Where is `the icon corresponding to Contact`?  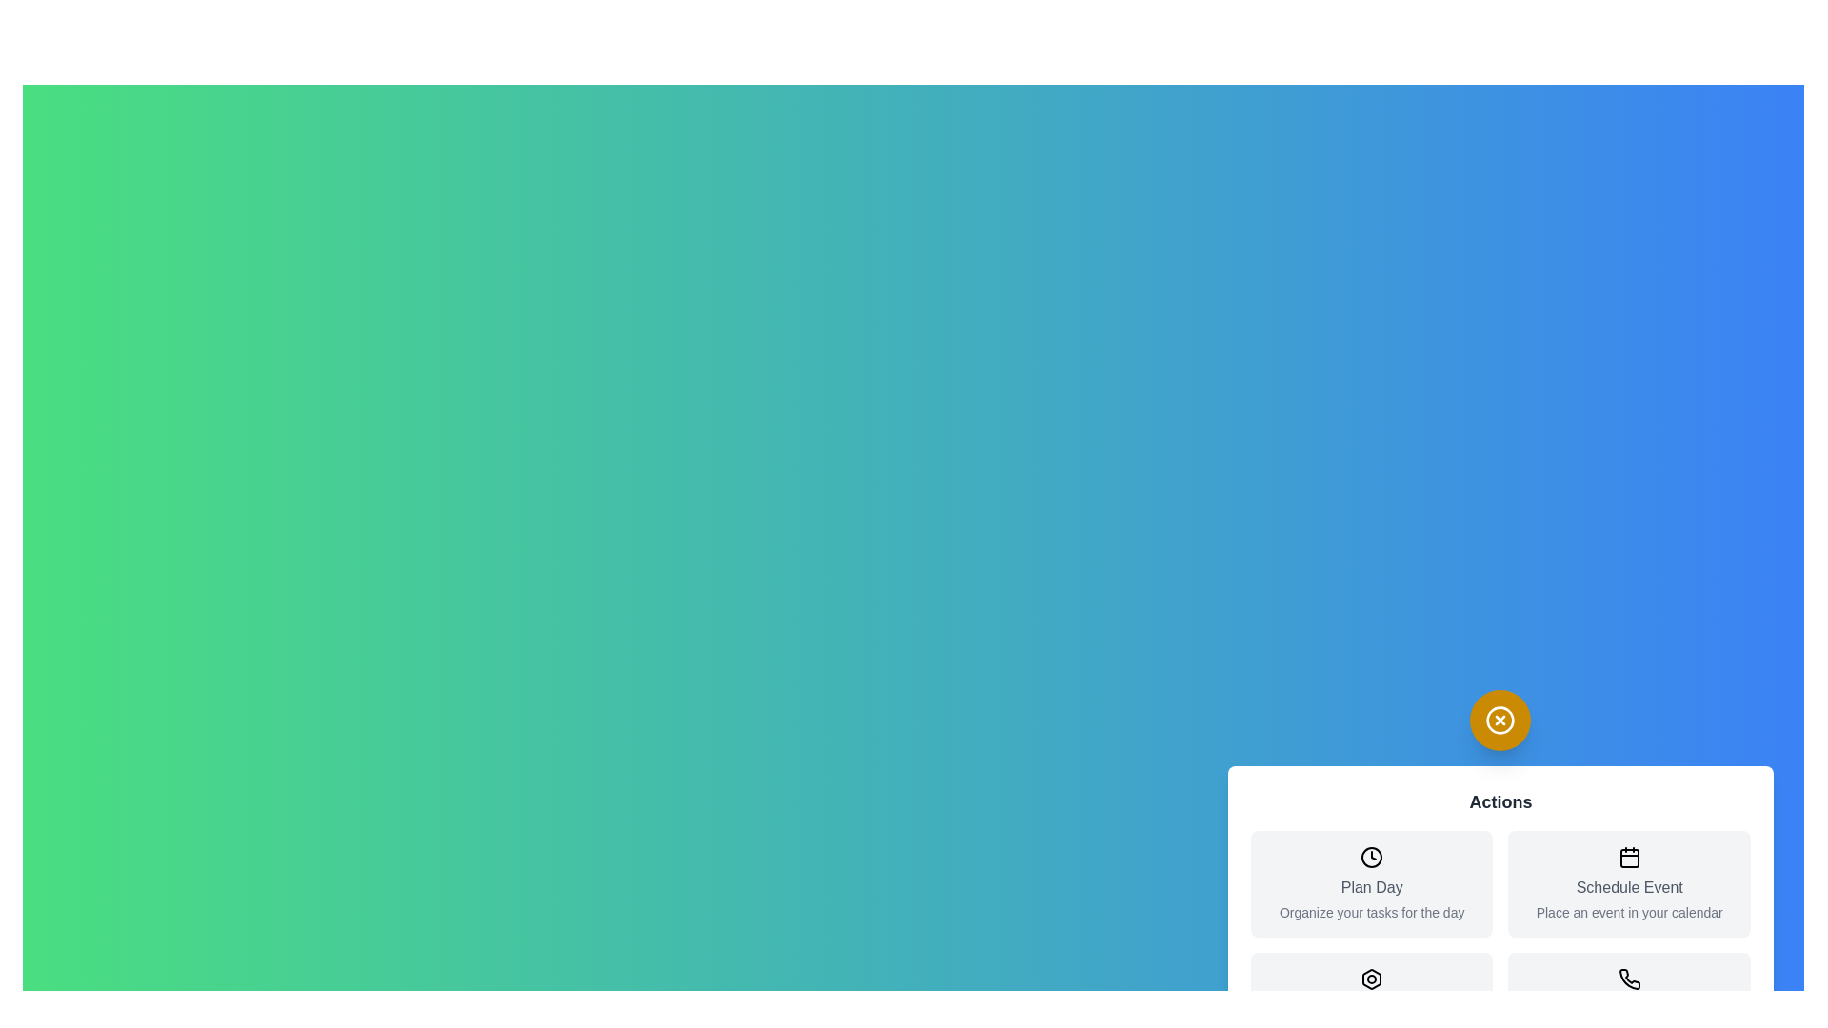
the icon corresponding to Contact is located at coordinates (1627, 979).